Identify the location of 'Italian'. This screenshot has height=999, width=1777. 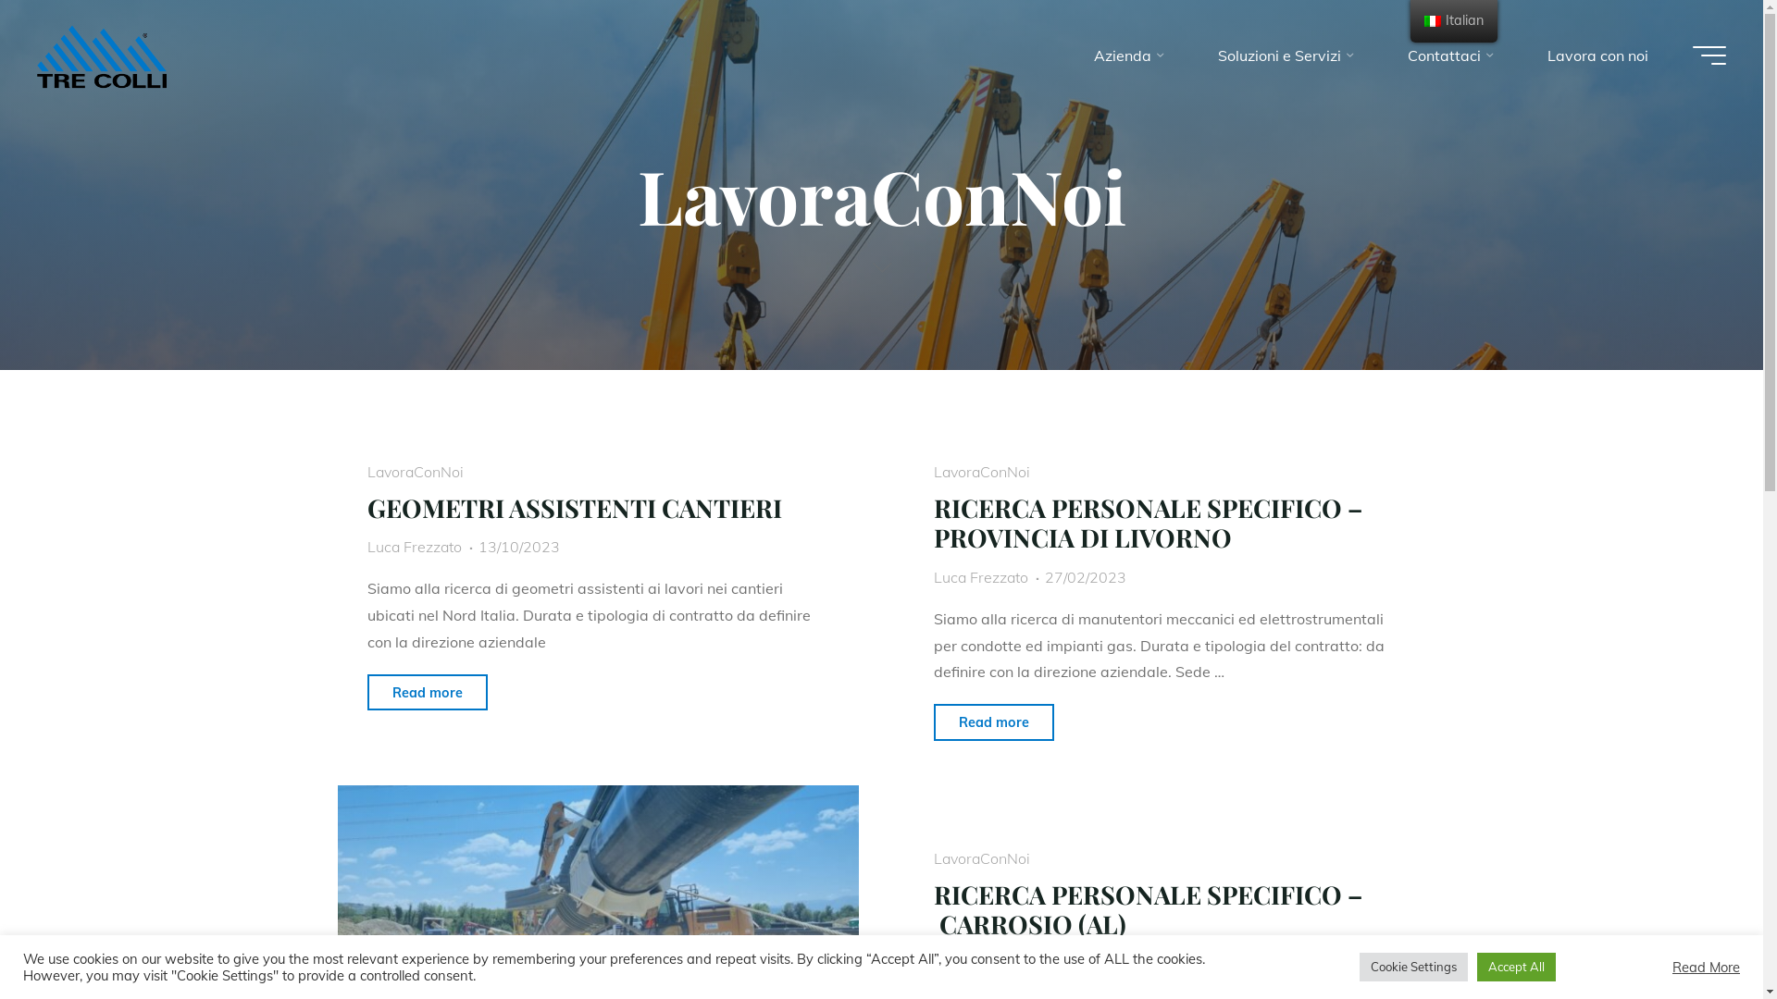
(1431, 21).